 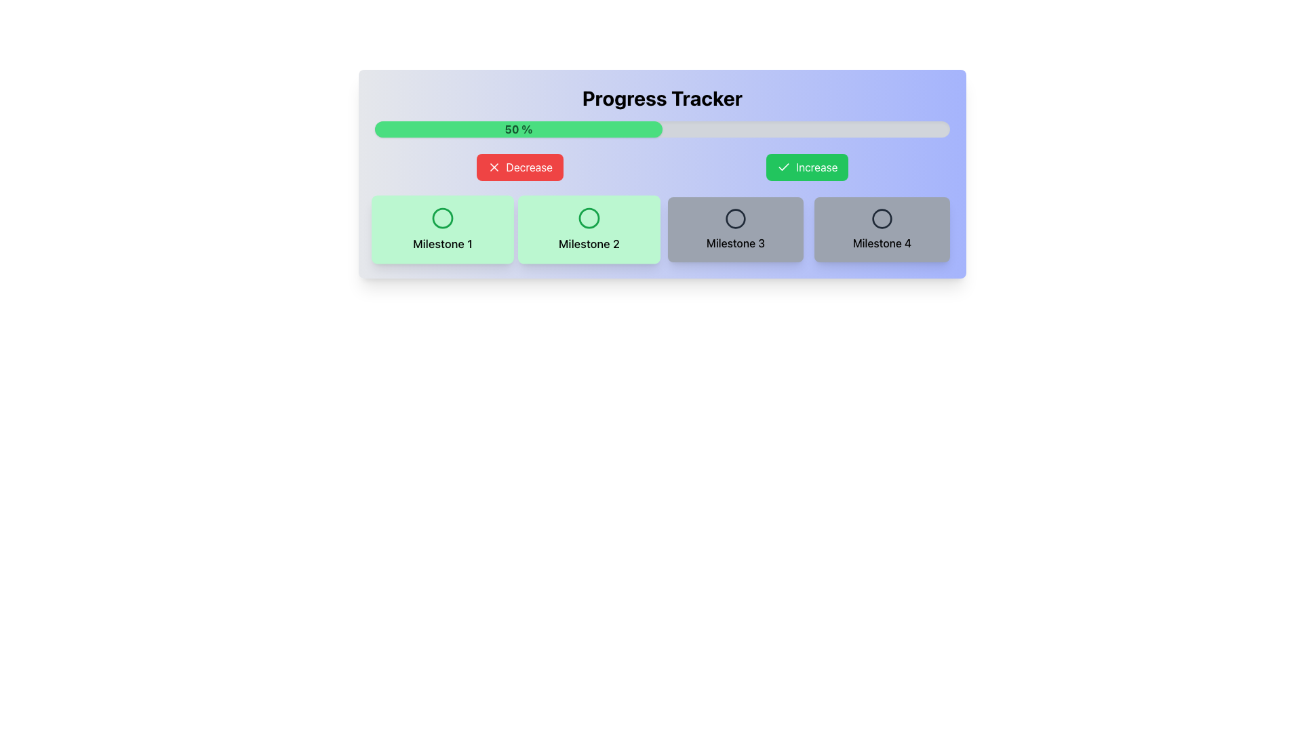 What do you see at coordinates (784, 166) in the screenshot?
I see `the green checkmark icon inside the 'Increase' button located on the right side of the top button group` at bounding box center [784, 166].